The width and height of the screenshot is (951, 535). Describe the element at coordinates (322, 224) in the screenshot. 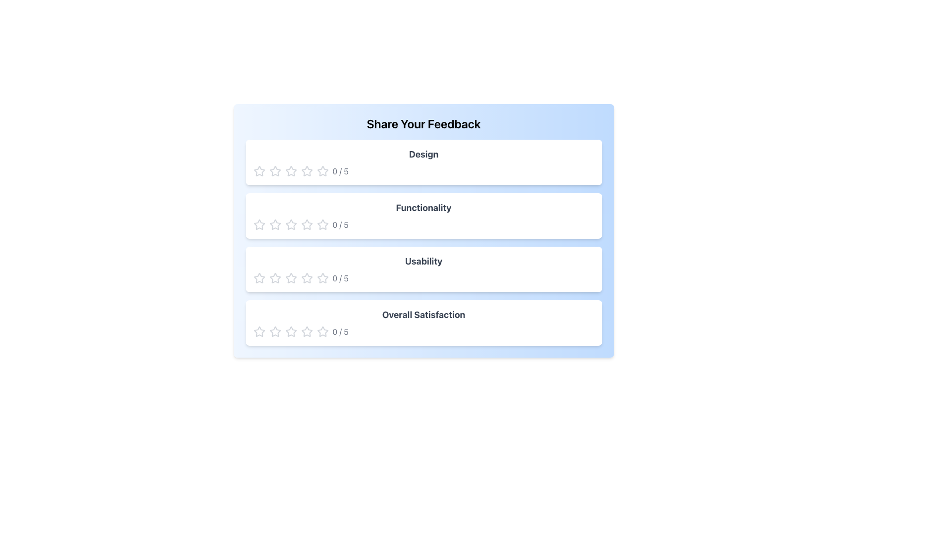

I see `the second star icon in the 'Functionality' rating row, which is a star-shaped icon with a thin outline` at that location.